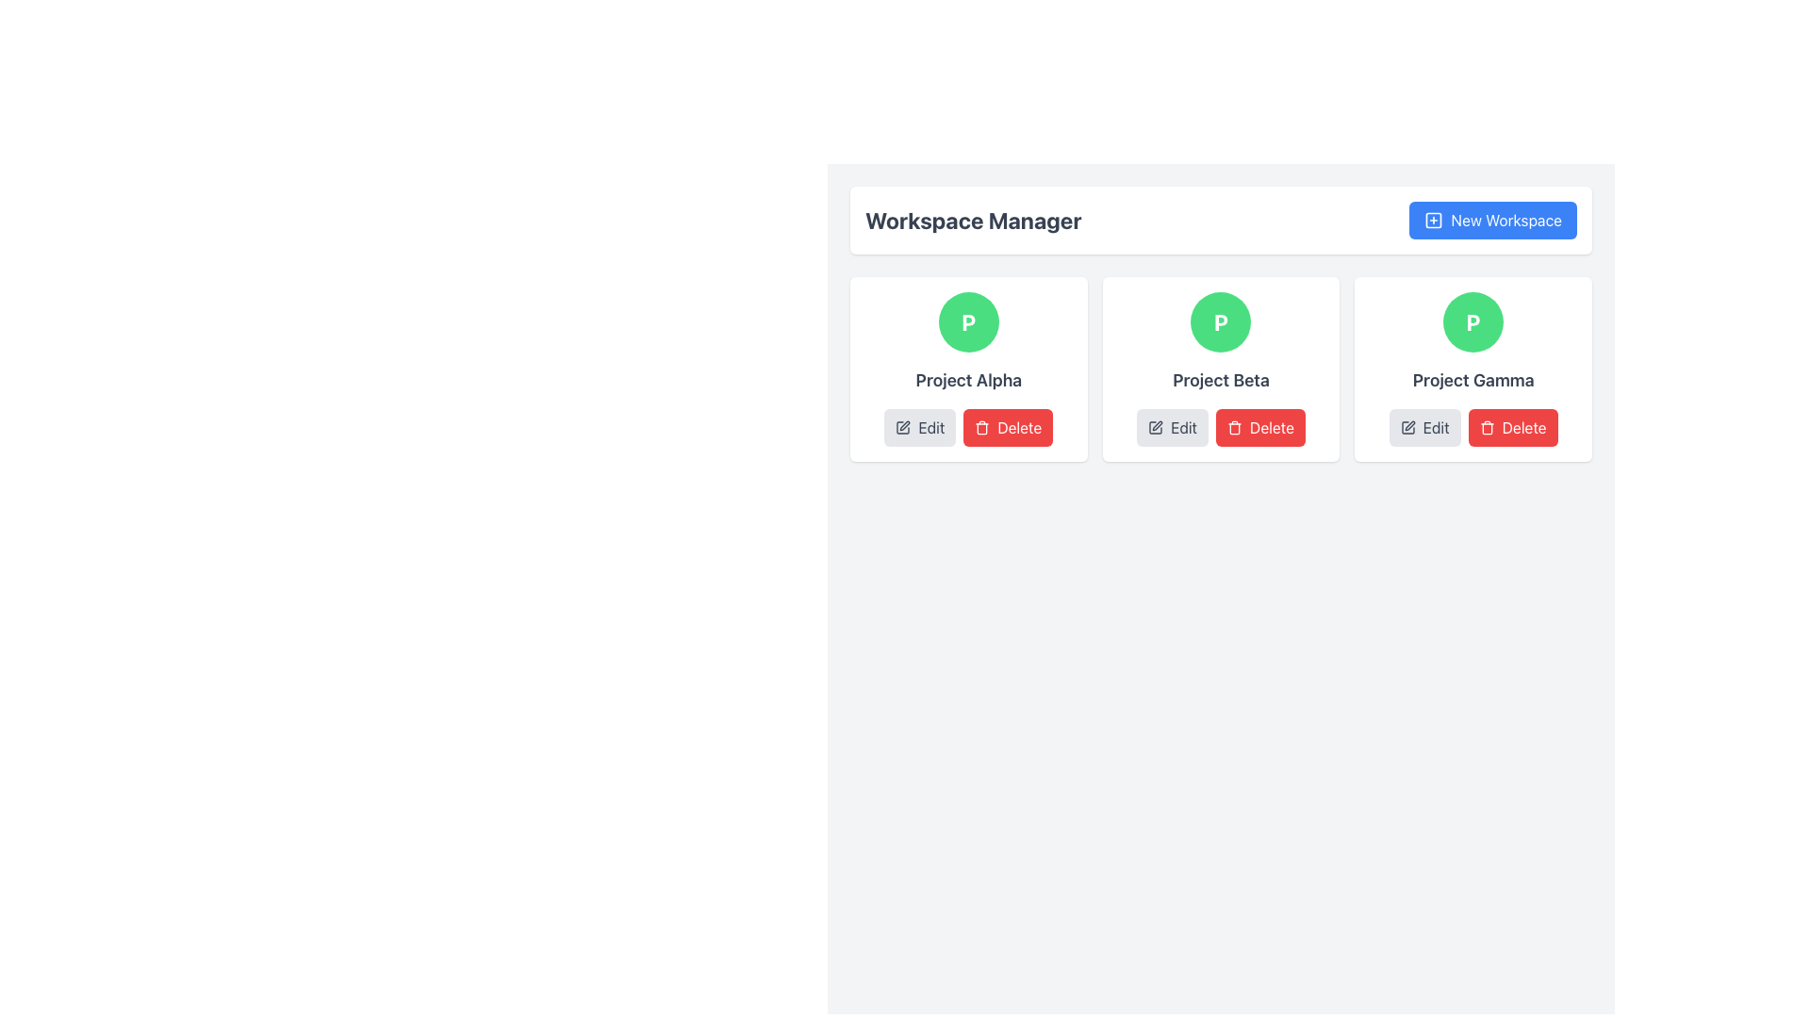 The height and width of the screenshot is (1018, 1810). What do you see at coordinates (1473, 369) in the screenshot?
I see `the 'Project Gamma' card with actionable controls, which is the third card in the row under the 'Workspace Manager' section` at bounding box center [1473, 369].